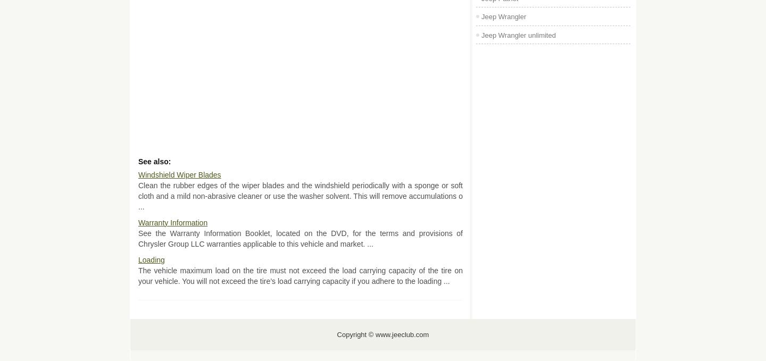 This screenshot has height=361, width=766. What do you see at coordinates (301, 275) in the screenshot?
I see `'The vehicle maximum load on the tire must not exceed 
the load carrying capacity of the tire on your vehicle. You 
will not exceed the tire’s load carrying capacity if you 
adhere to the loading  ...'` at bounding box center [301, 275].